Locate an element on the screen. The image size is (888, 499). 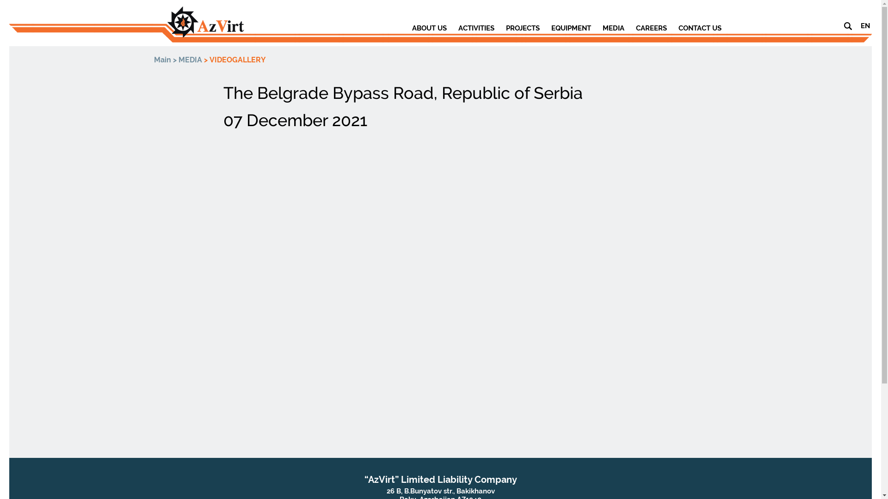
'ABOUT US' is located at coordinates (428, 28).